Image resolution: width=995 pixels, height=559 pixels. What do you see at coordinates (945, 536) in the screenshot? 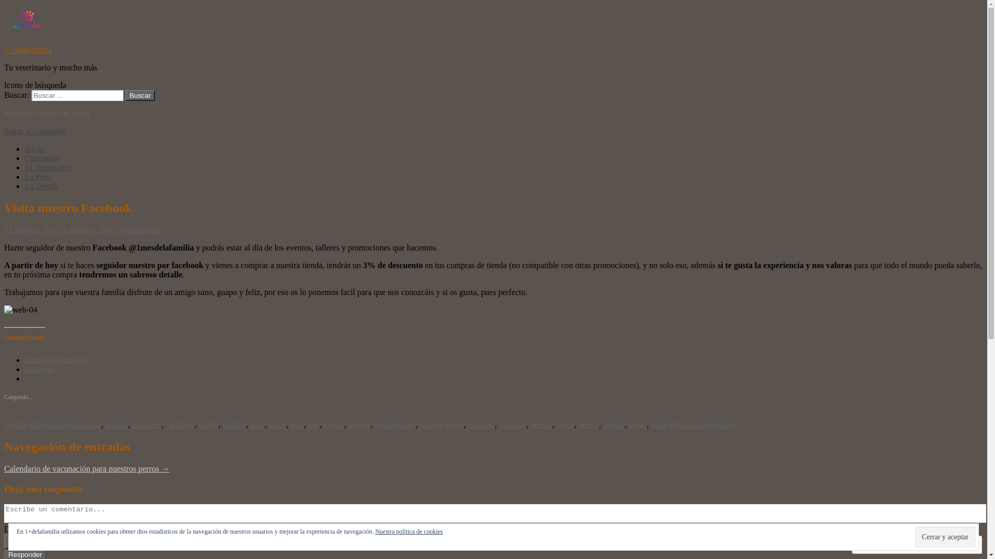
I see `'Cerrar y aceptar'` at bounding box center [945, 536].